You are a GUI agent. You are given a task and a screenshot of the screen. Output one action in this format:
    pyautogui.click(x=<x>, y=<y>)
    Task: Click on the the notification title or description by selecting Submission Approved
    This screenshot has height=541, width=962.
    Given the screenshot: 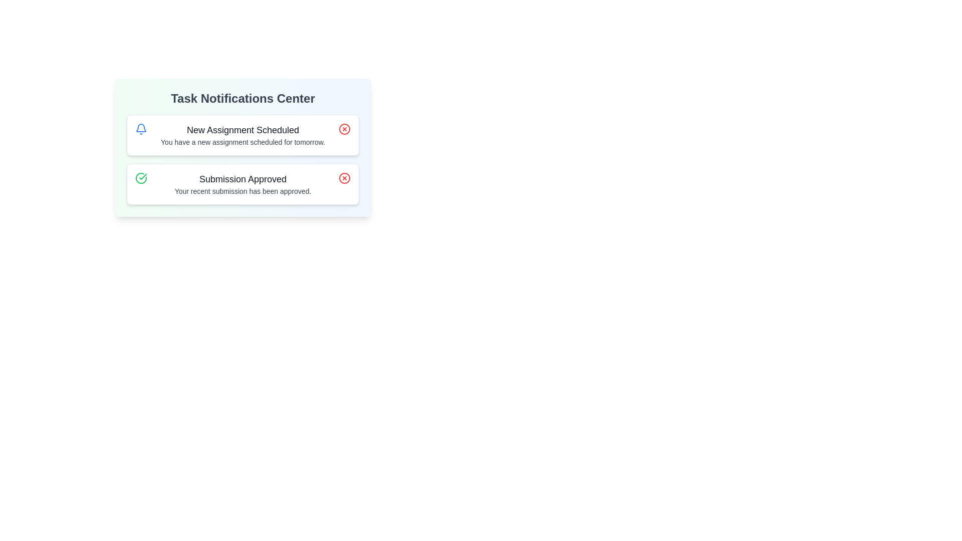 What is the action you would take?
    pyautogui.click(x=243, y=179)
    